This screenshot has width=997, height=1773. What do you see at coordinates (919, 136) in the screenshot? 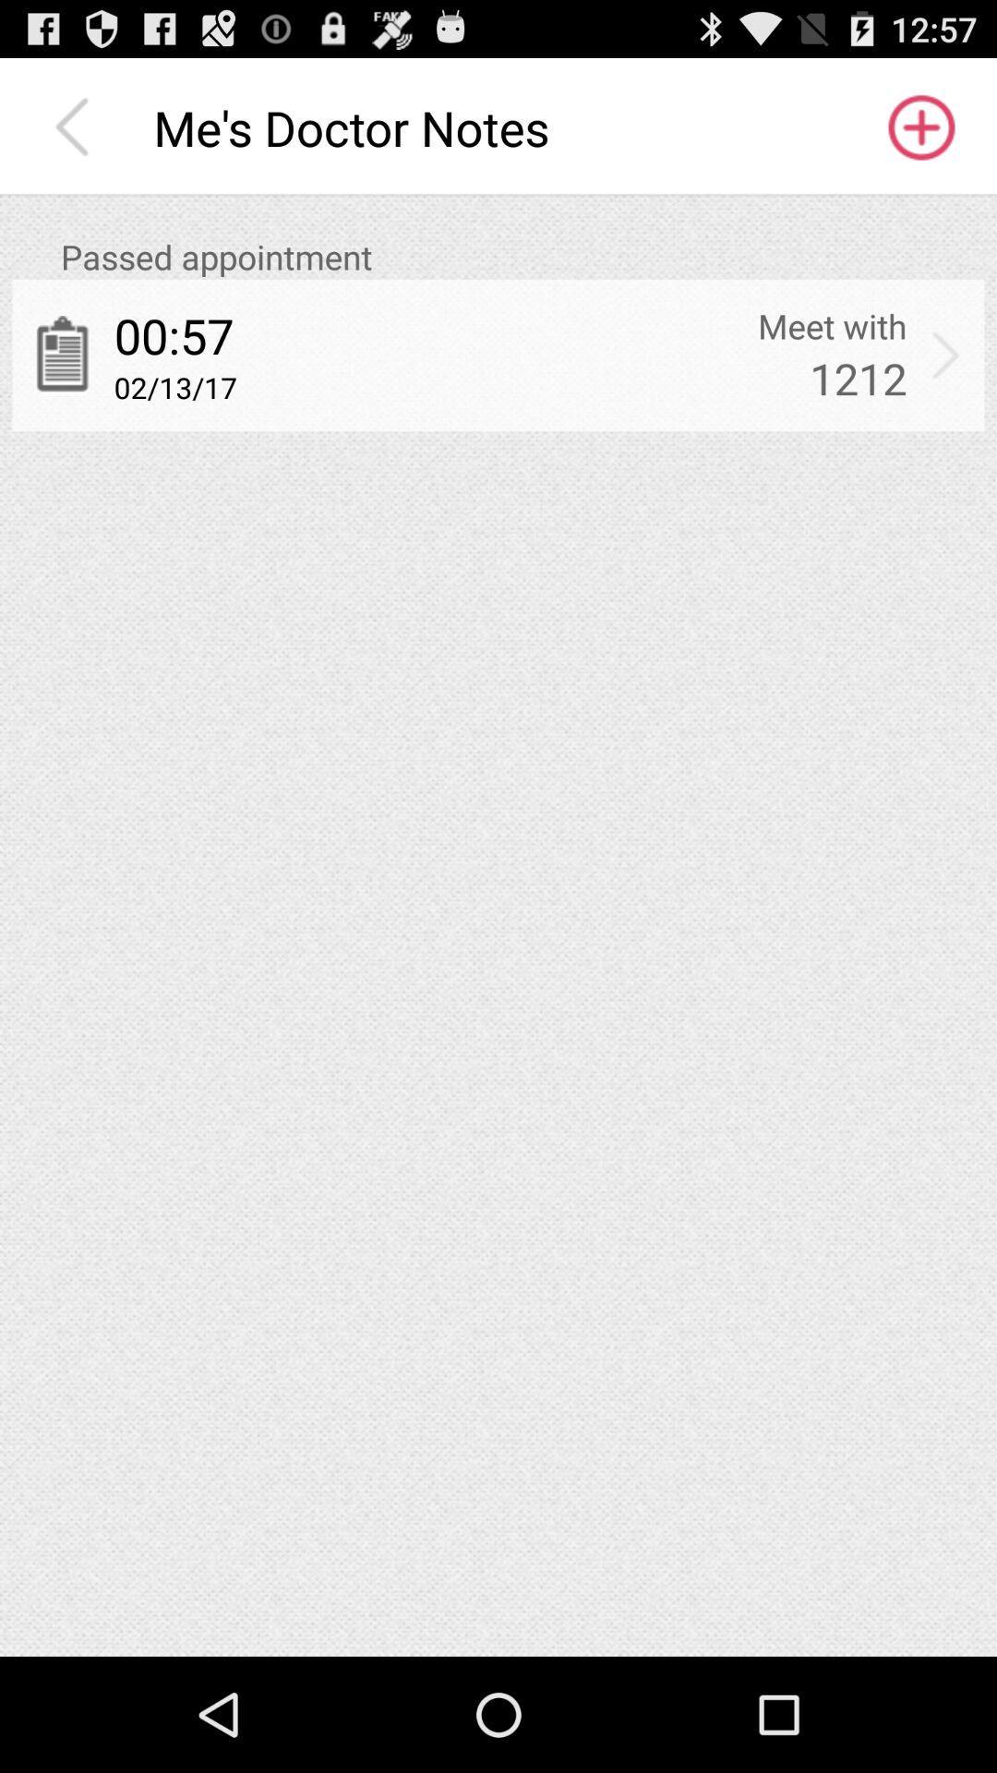
I see `the add icon` at bounding box center [919, 136].